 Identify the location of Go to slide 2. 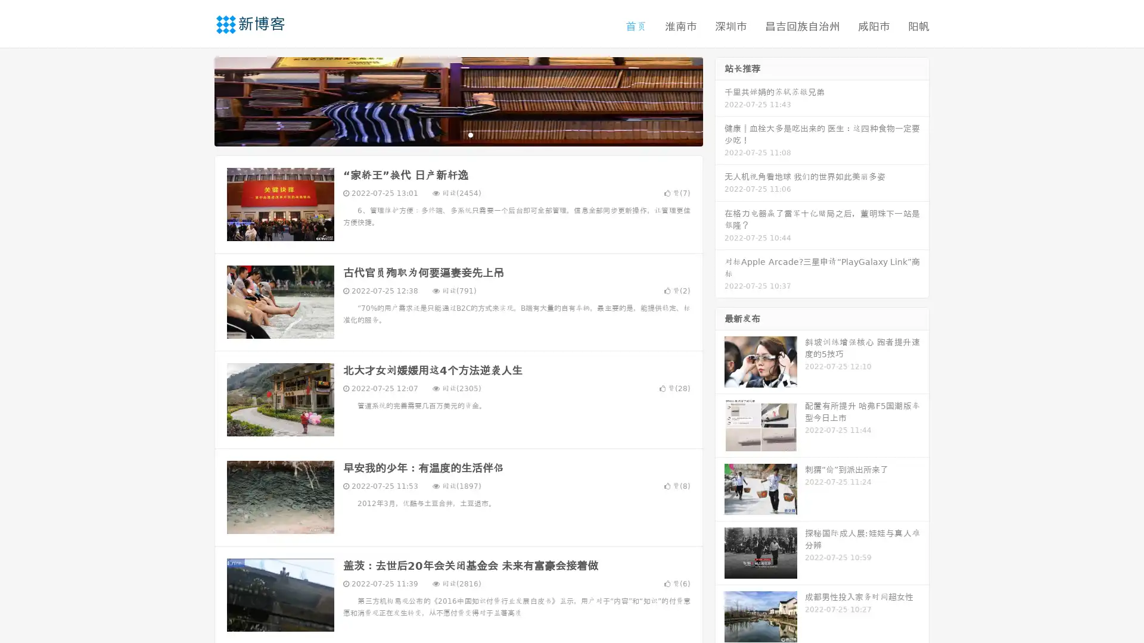
(458, 134).